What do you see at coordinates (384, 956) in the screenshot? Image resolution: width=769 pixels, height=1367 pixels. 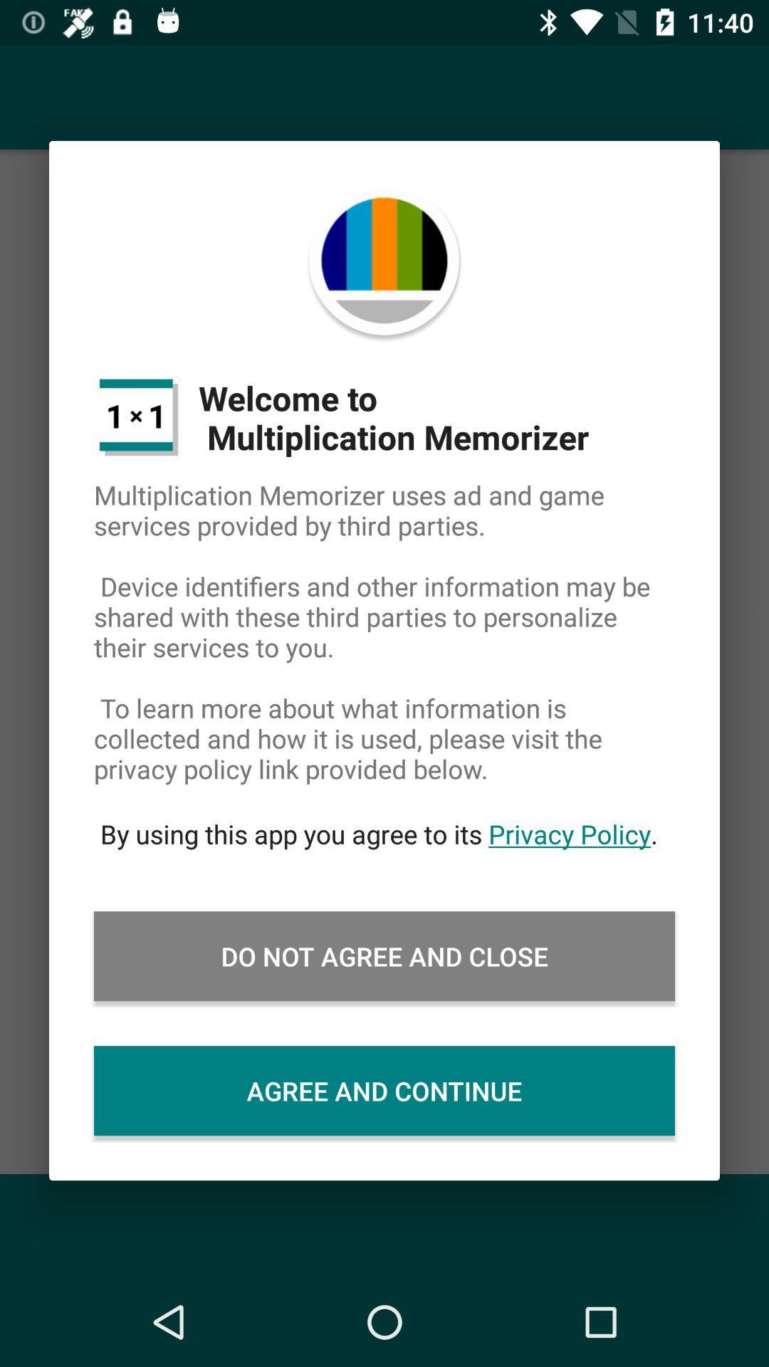 I see `do not agree` at bounding box center [384, 956].